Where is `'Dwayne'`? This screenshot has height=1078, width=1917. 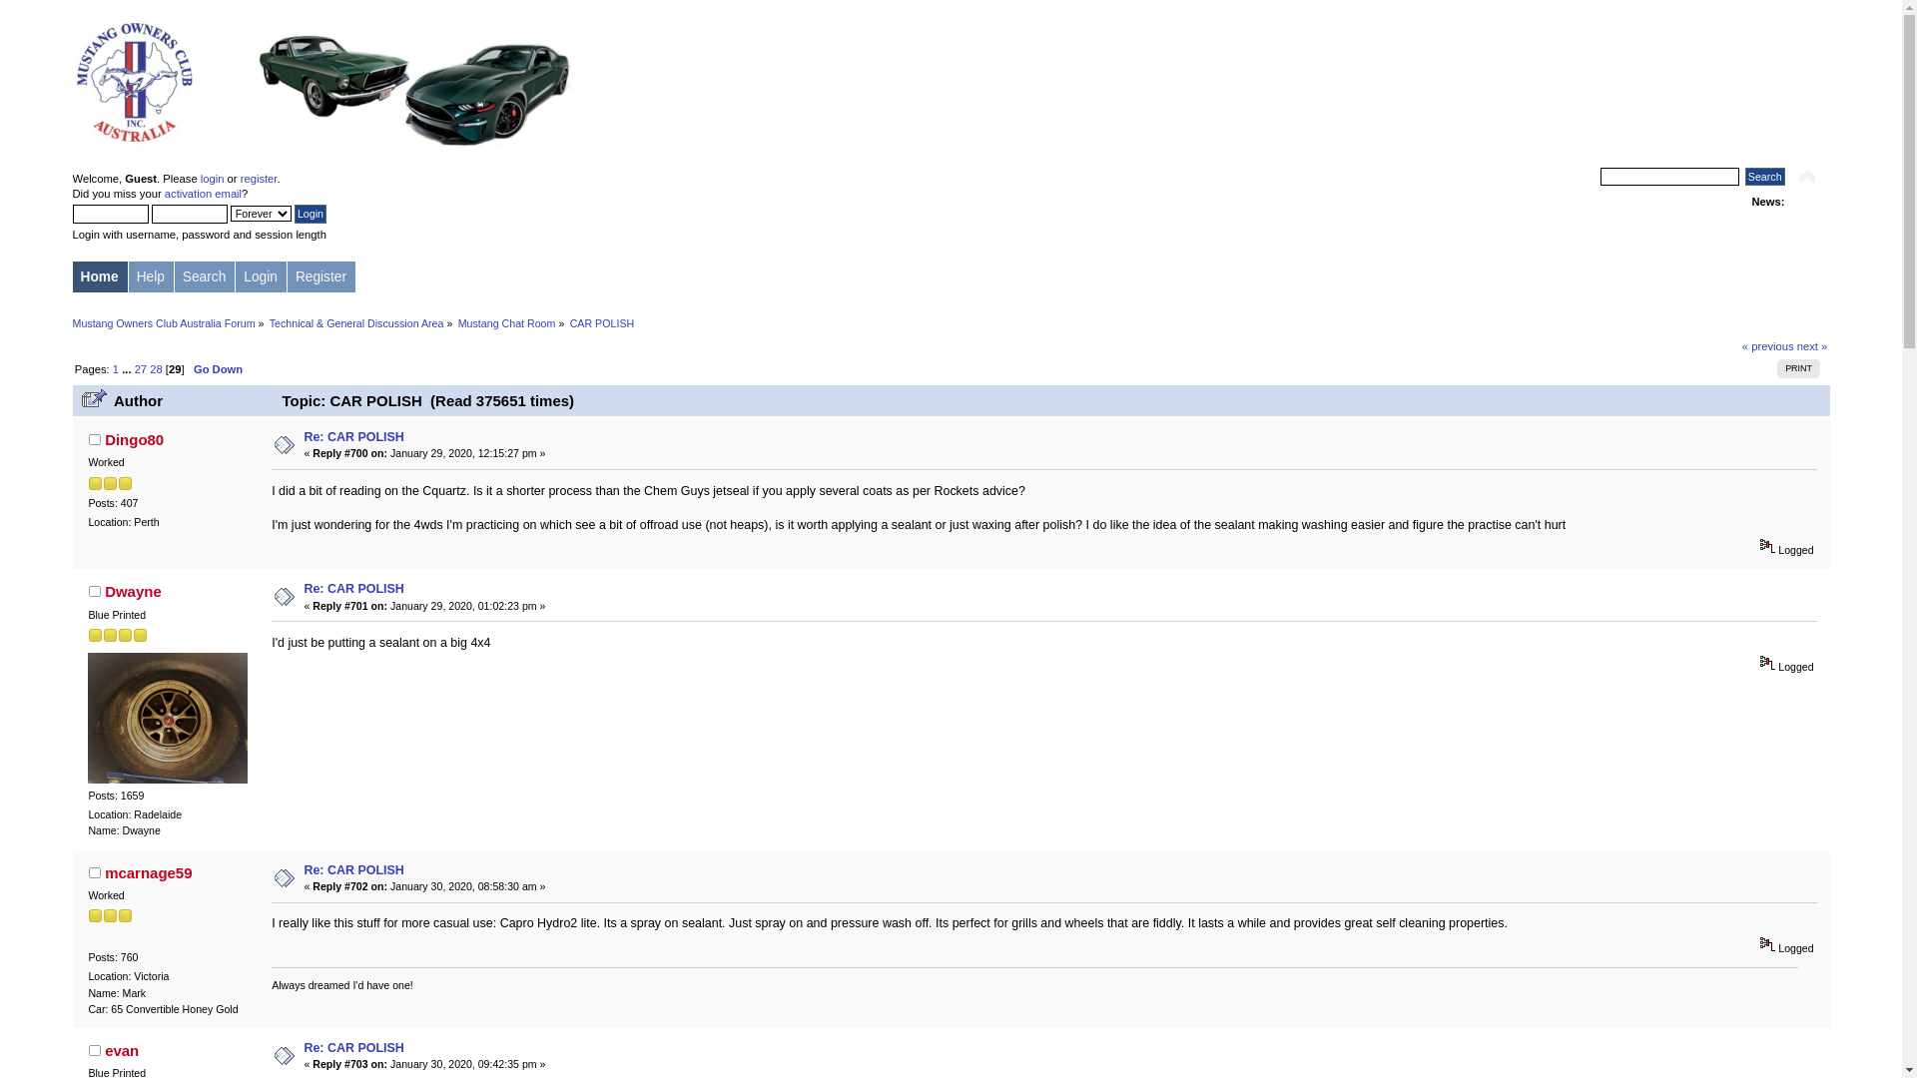
'Dwayne' is located at coordinates (132, 590).